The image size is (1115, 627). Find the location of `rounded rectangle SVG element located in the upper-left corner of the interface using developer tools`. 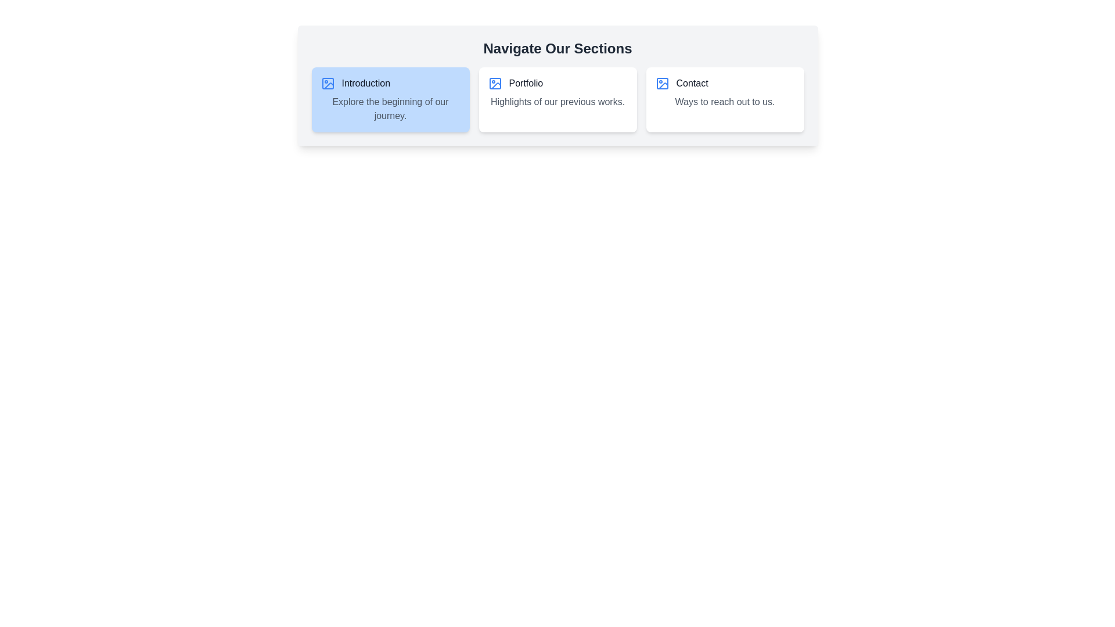

rounded rectangle SVG element located in the upper-left corner of the interface using developer tools is located at coordinates (662, 82).